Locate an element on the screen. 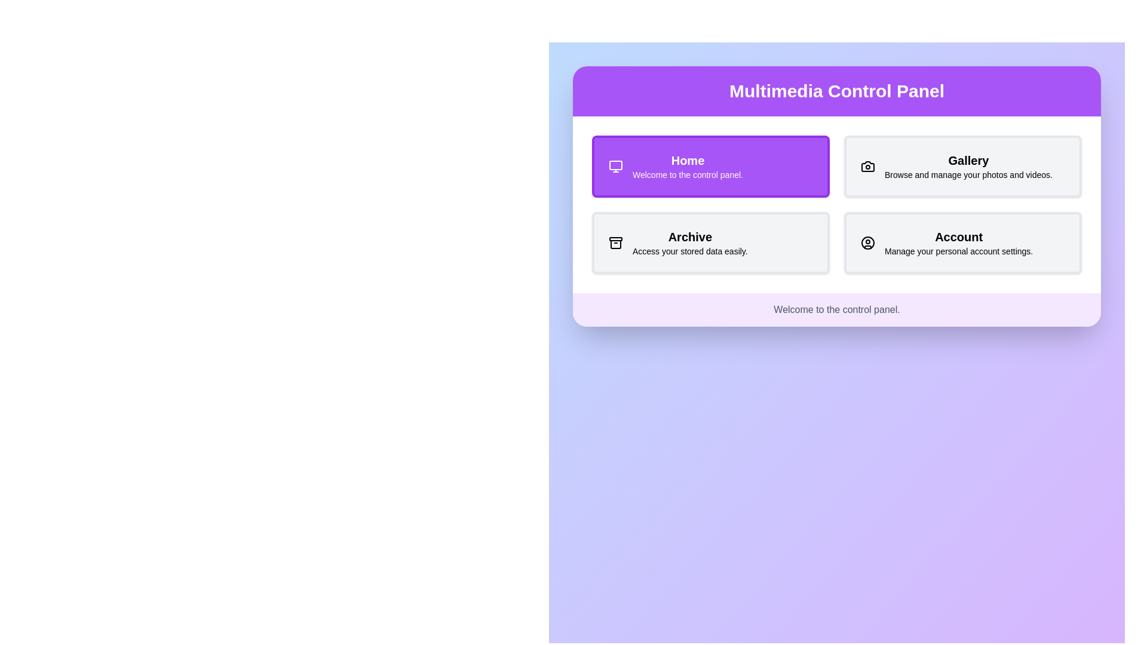  the Home section by clicking its button is located at coordinates (711, 166).